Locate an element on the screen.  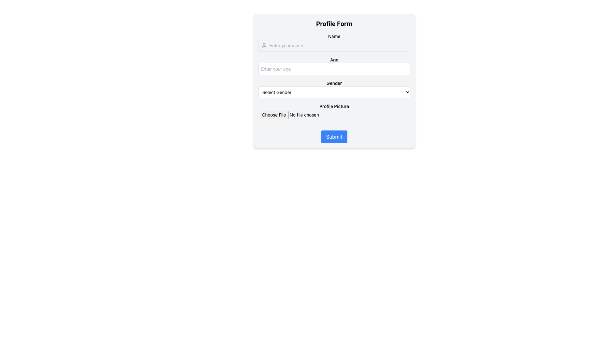
the gender selection dropdown menu is located at coordinates (334, 89).